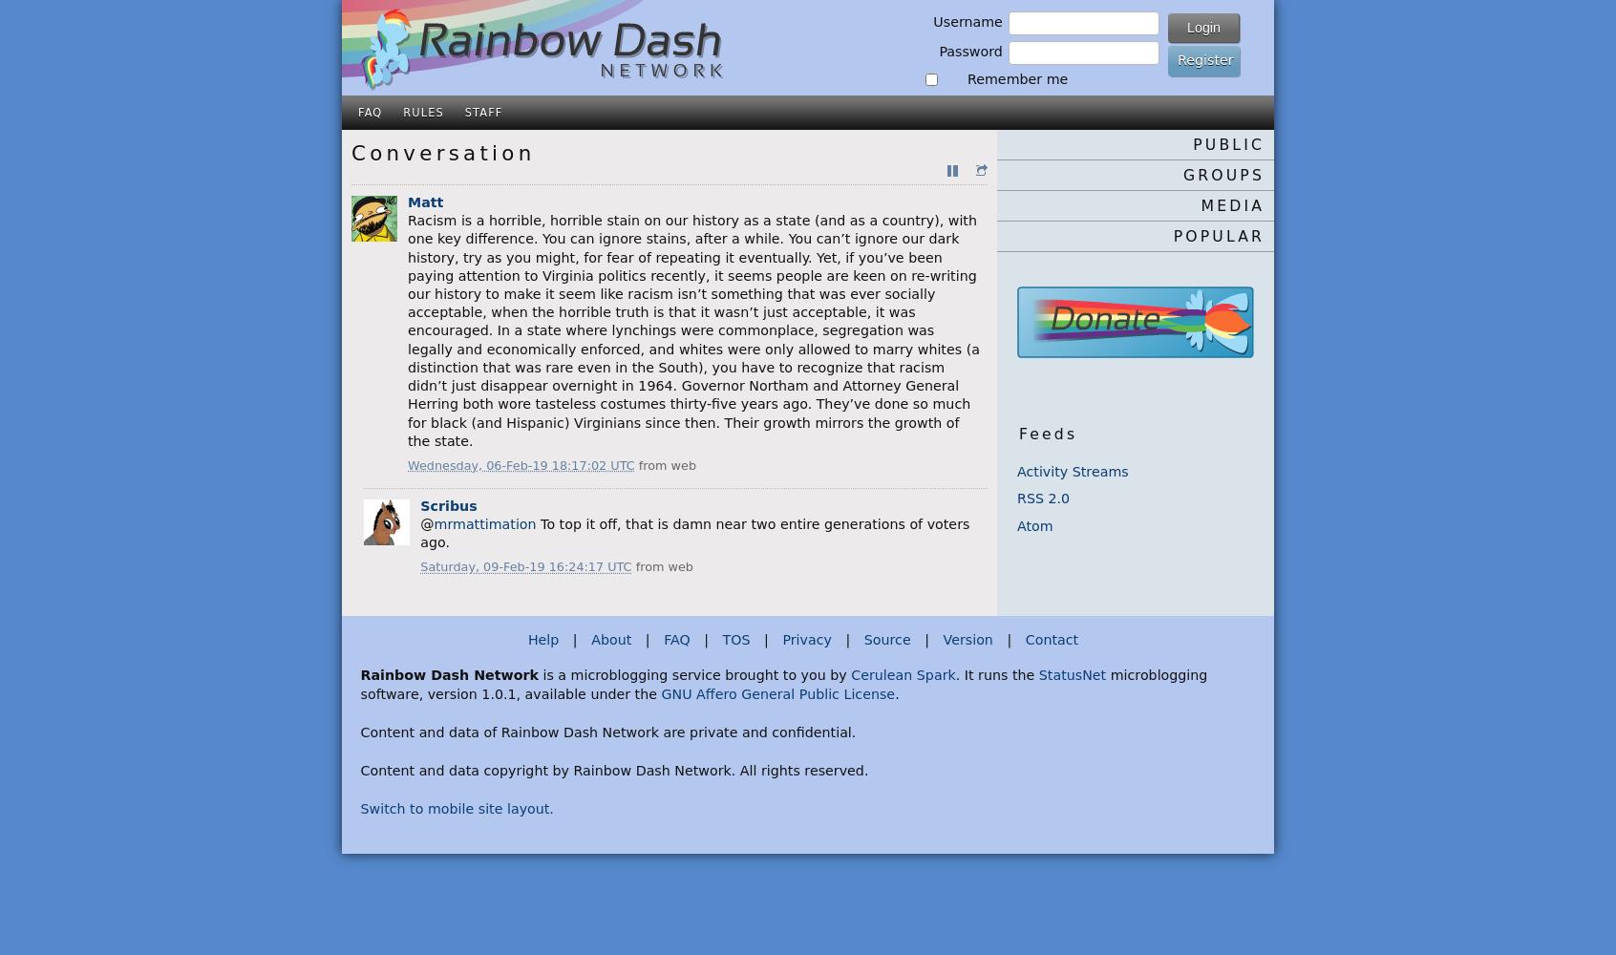 This screenshot has width=1616, height=955. I want to click on 'Groups', so click(1183, 174).